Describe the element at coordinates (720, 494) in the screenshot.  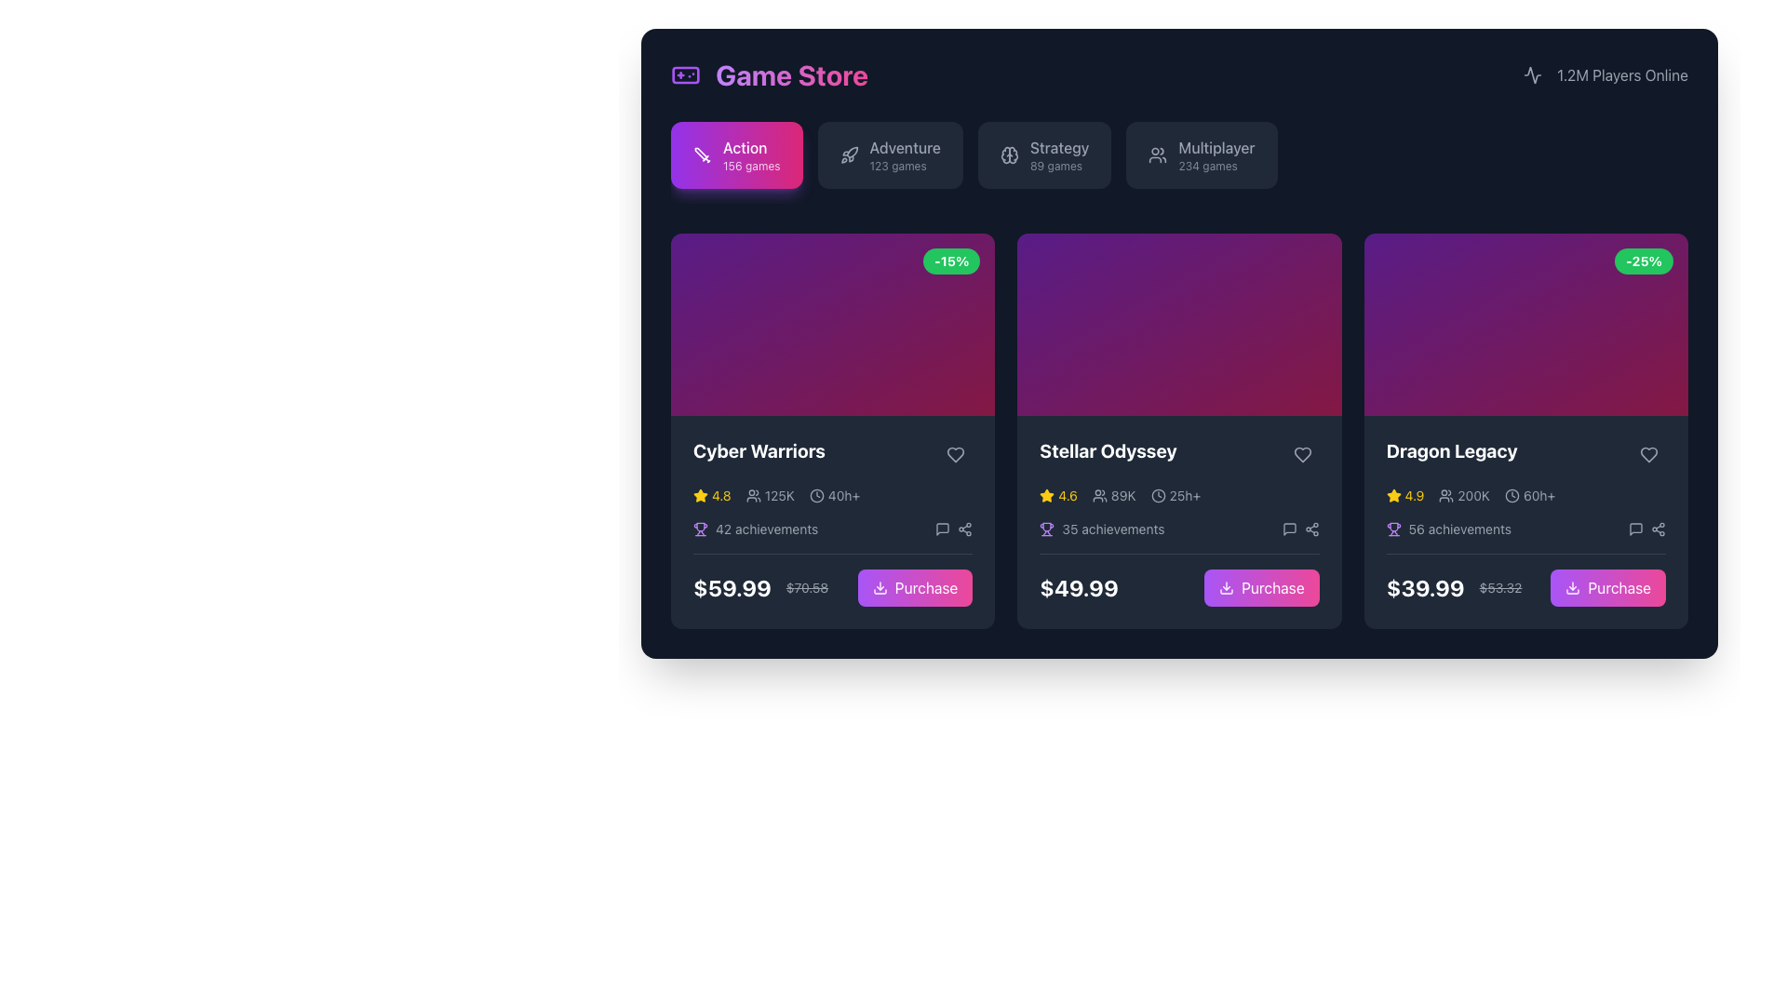
I see `displayed numeric rating '4.8' which is styled in a yellowish tone and located at the bottom left corner of the 'Cyber Warriors' game card, following a star icon` at that location.